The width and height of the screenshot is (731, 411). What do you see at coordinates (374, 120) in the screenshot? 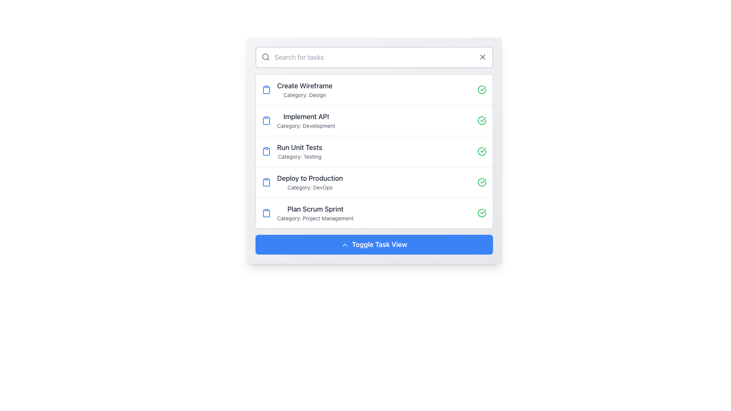
I see `the second task list item titled 'Implement API' with a subtitle 'Category: Development'` at bounding box center [374, 120].